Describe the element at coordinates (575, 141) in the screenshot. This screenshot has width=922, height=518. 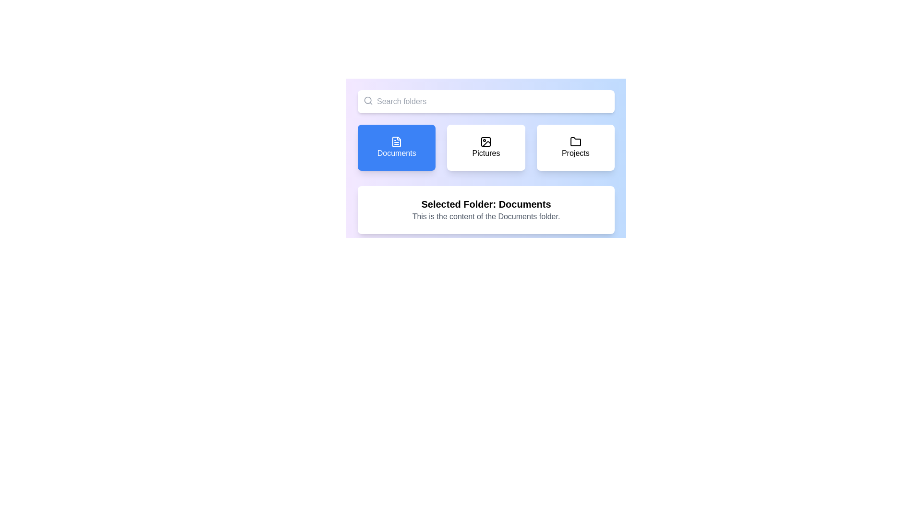
I see `the folder-shaped icon in the 'Projects' section` at that location.